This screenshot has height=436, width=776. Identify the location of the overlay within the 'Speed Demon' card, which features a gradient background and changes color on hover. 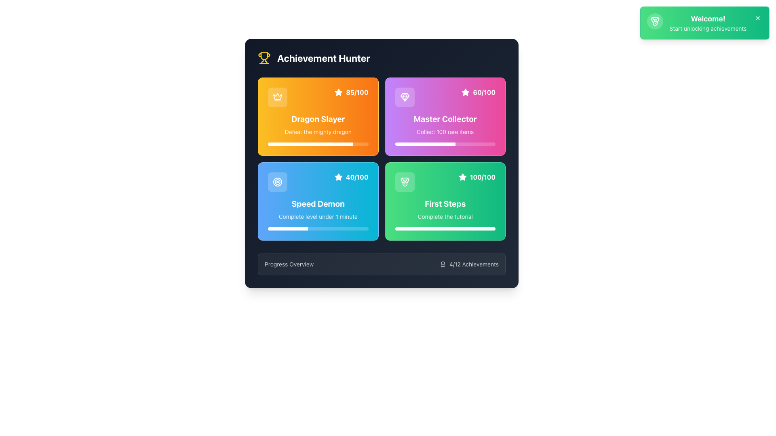
(318, 201).